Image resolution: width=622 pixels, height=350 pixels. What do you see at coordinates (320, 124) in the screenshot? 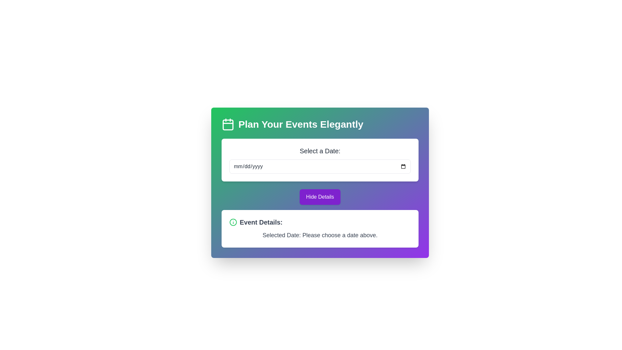
I see `the prominent banner-like section displaying the text 'Plan Your Events Elegantly' with a calendar icon on the left, which is styled with a white outline and green to blue gradient background` at bounding box center [320, 124].